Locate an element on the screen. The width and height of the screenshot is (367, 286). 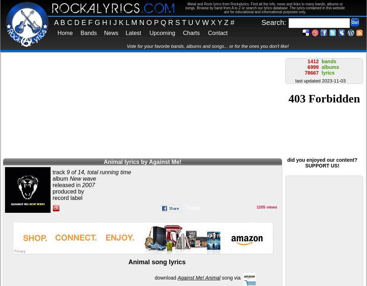
'C' is located at coordinates (67, 22).